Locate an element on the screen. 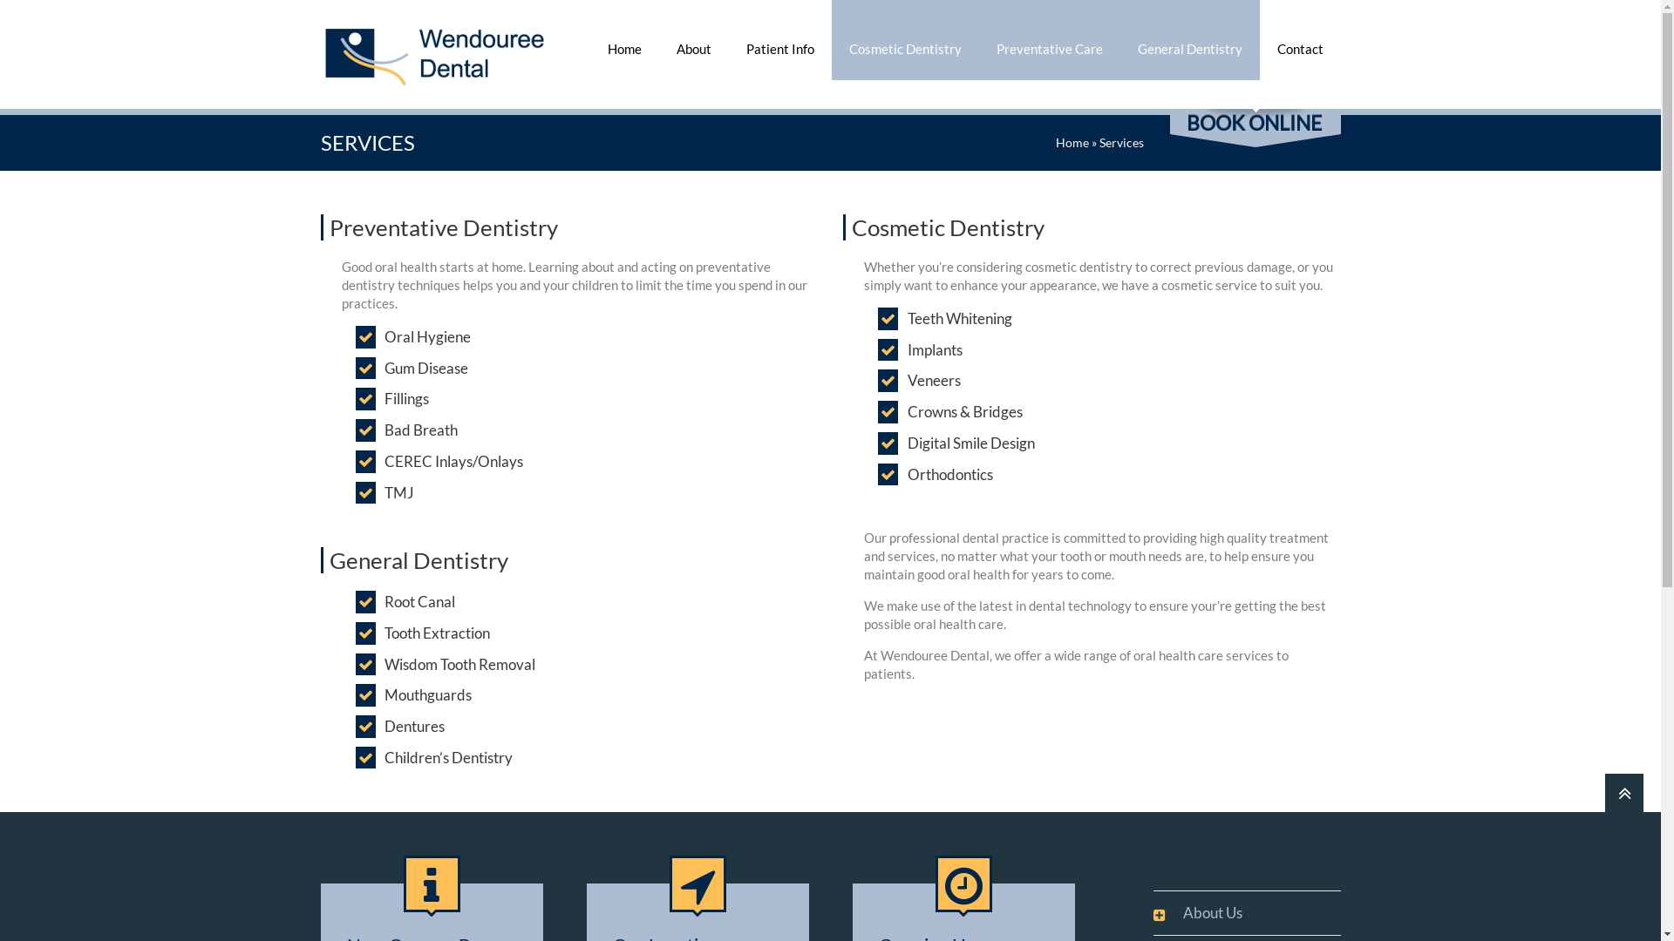 The width and height of the screenshot is (1674, 941). 'Mouthguards' is located at coordinates (384, 694).